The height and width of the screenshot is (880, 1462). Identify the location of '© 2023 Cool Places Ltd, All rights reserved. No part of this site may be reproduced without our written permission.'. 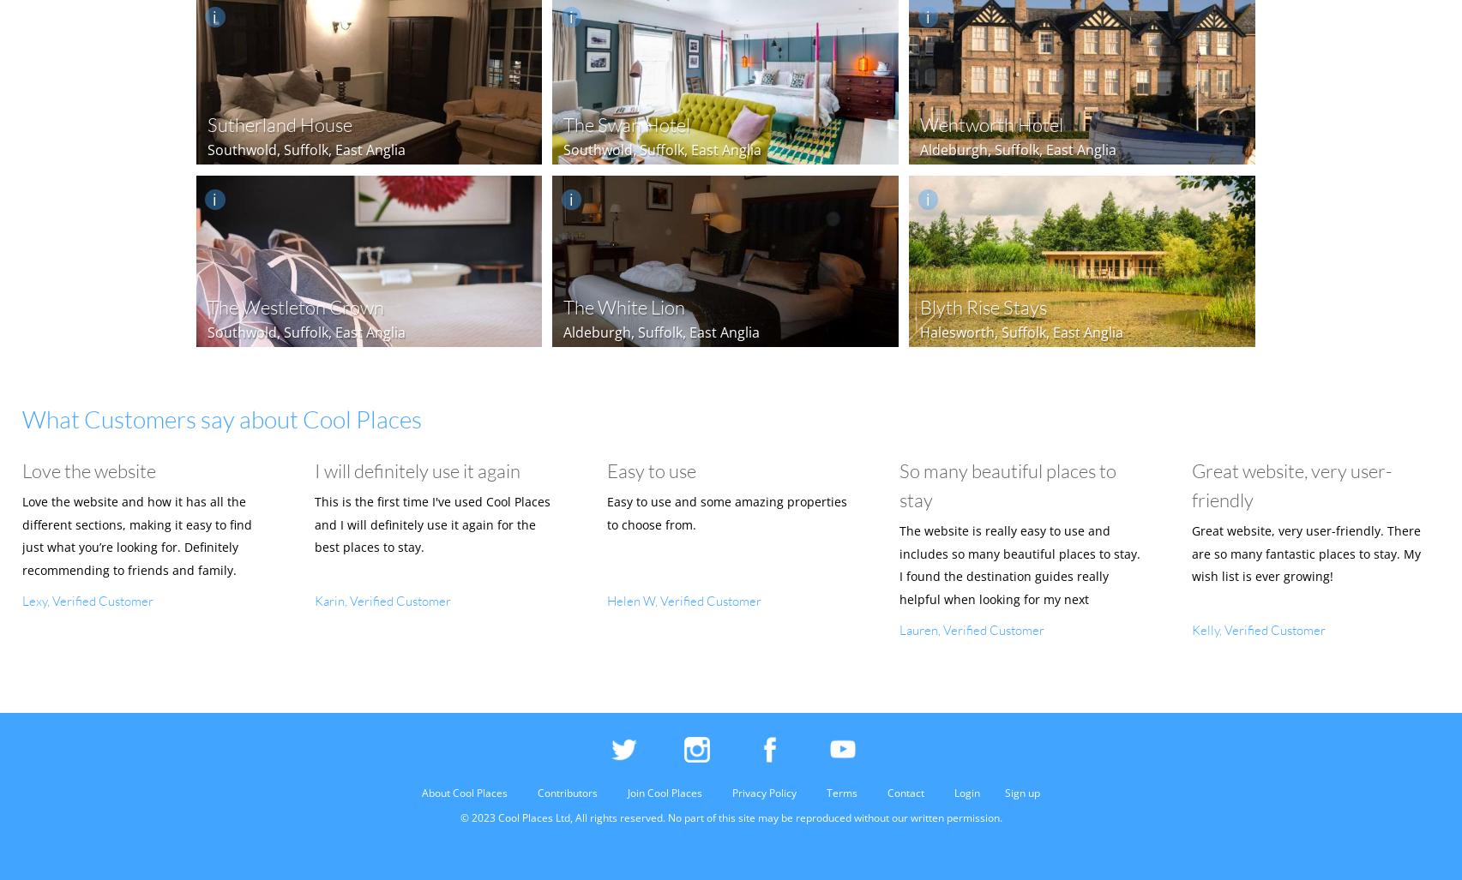
(730, 817).